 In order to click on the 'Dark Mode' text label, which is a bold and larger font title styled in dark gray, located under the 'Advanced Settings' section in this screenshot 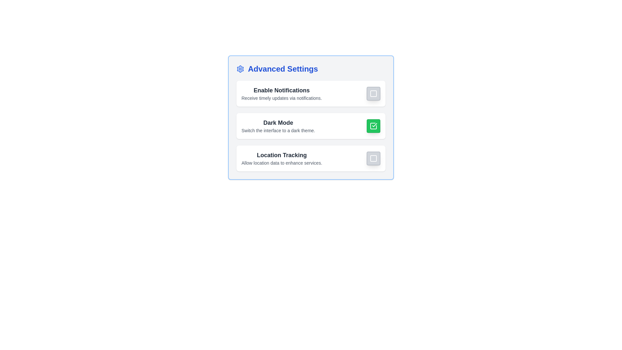, I will do `click(278, 122)`.